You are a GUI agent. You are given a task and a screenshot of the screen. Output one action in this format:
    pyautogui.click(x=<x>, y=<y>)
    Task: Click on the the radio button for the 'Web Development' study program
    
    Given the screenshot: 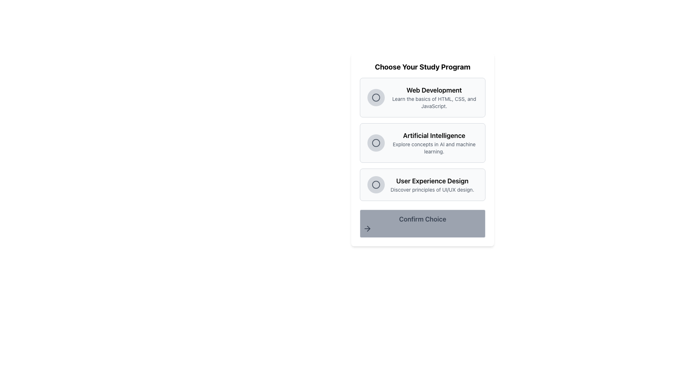 What is the action you would take?
    pyautogui.click(x=375, y=97)
    